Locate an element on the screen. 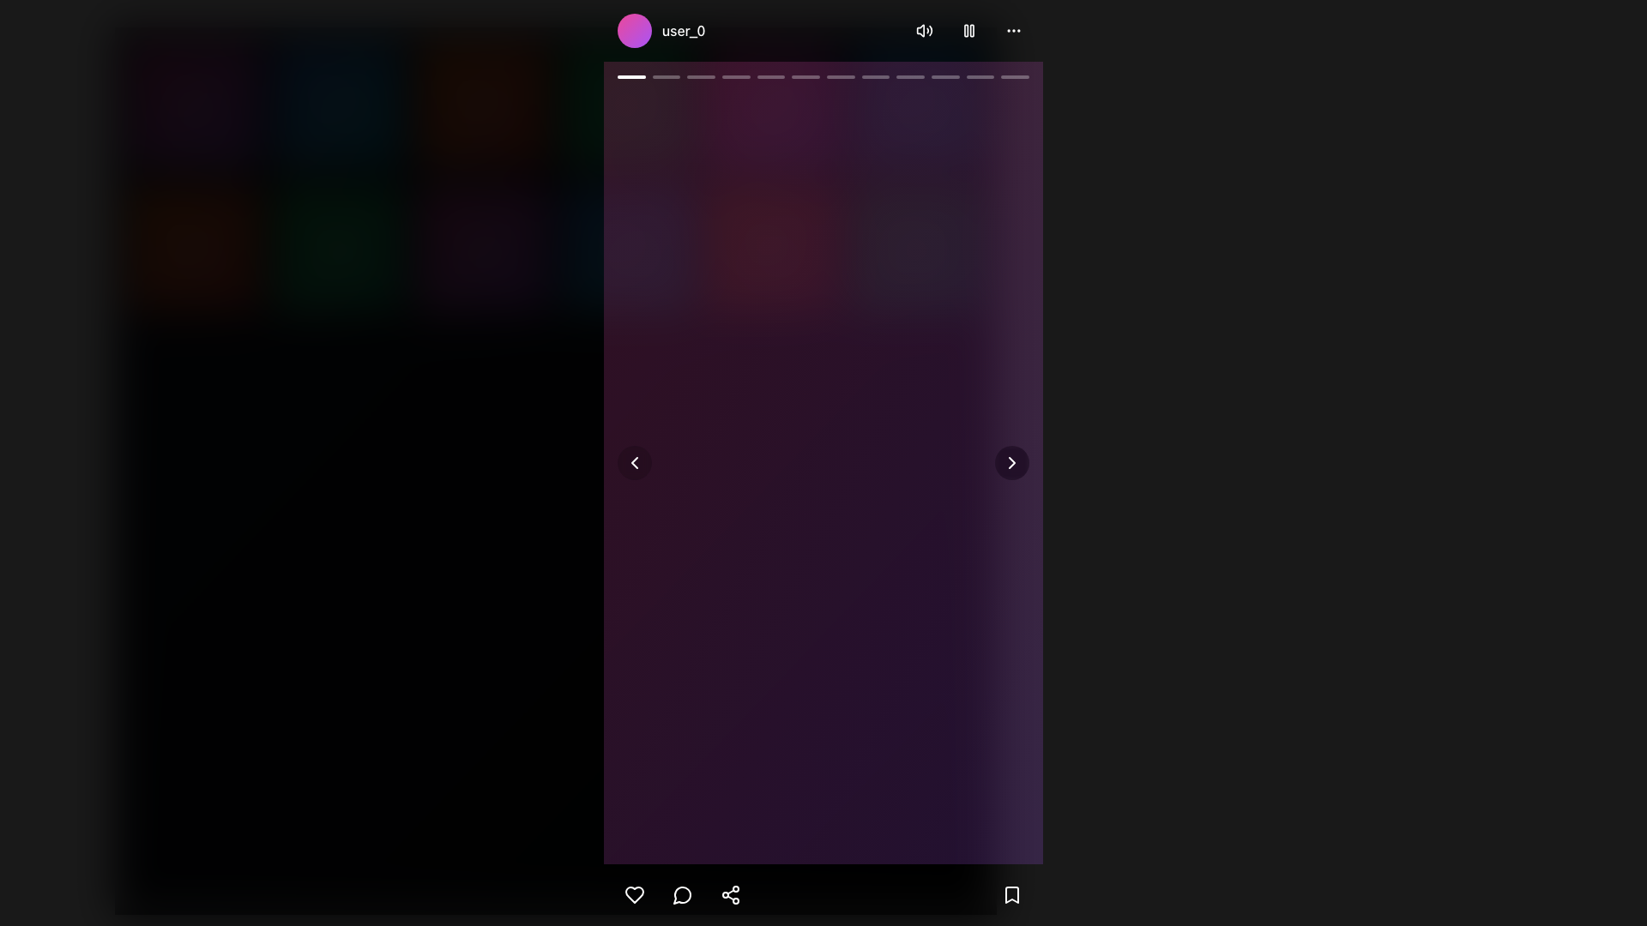  the progress indication of the leftmost segment of the progress bar, which visually represents the current state of completion is located at coordinates (868, 163).